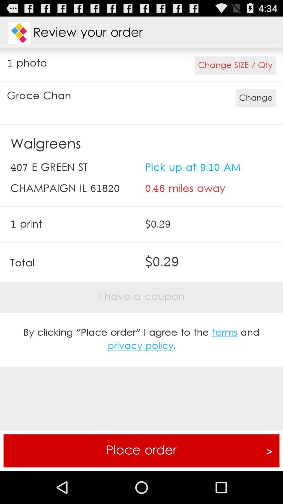  Describe the element at coordinates (235, 65) in the screenshot. I see `the icon next to the 1 photo` at that location.